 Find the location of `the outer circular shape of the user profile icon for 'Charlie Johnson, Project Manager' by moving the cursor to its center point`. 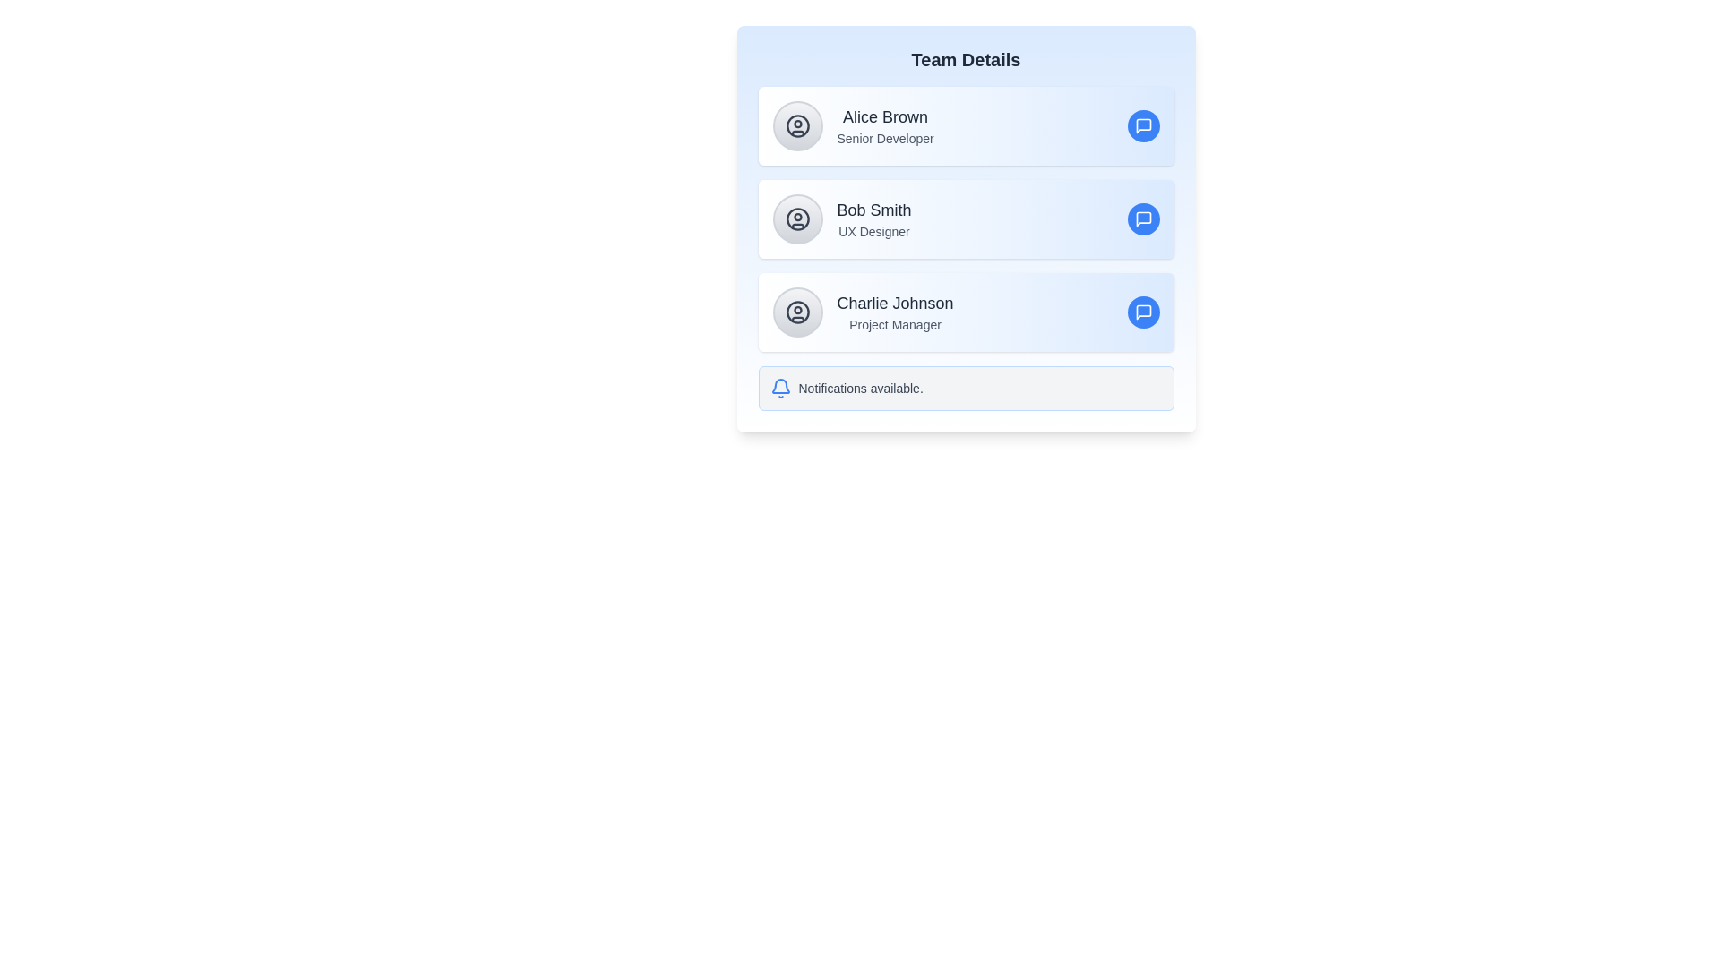

the outer circular shape of the user profile icon for 'Charlie Johnson, Project Manager' by moving the cursor to its center point is located at coordinates (796, 311).